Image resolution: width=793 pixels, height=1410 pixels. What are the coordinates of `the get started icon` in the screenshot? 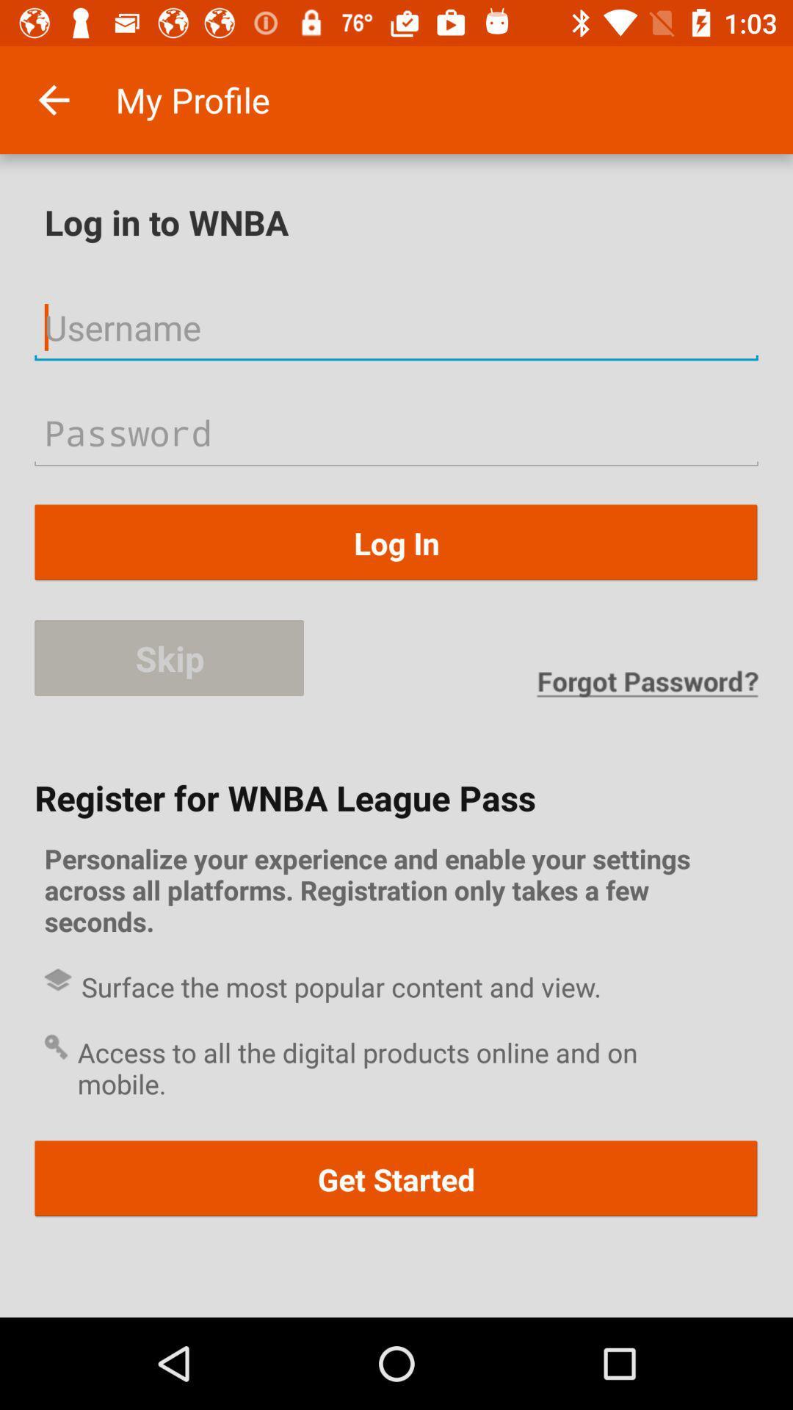 It's located at (396, 1179).